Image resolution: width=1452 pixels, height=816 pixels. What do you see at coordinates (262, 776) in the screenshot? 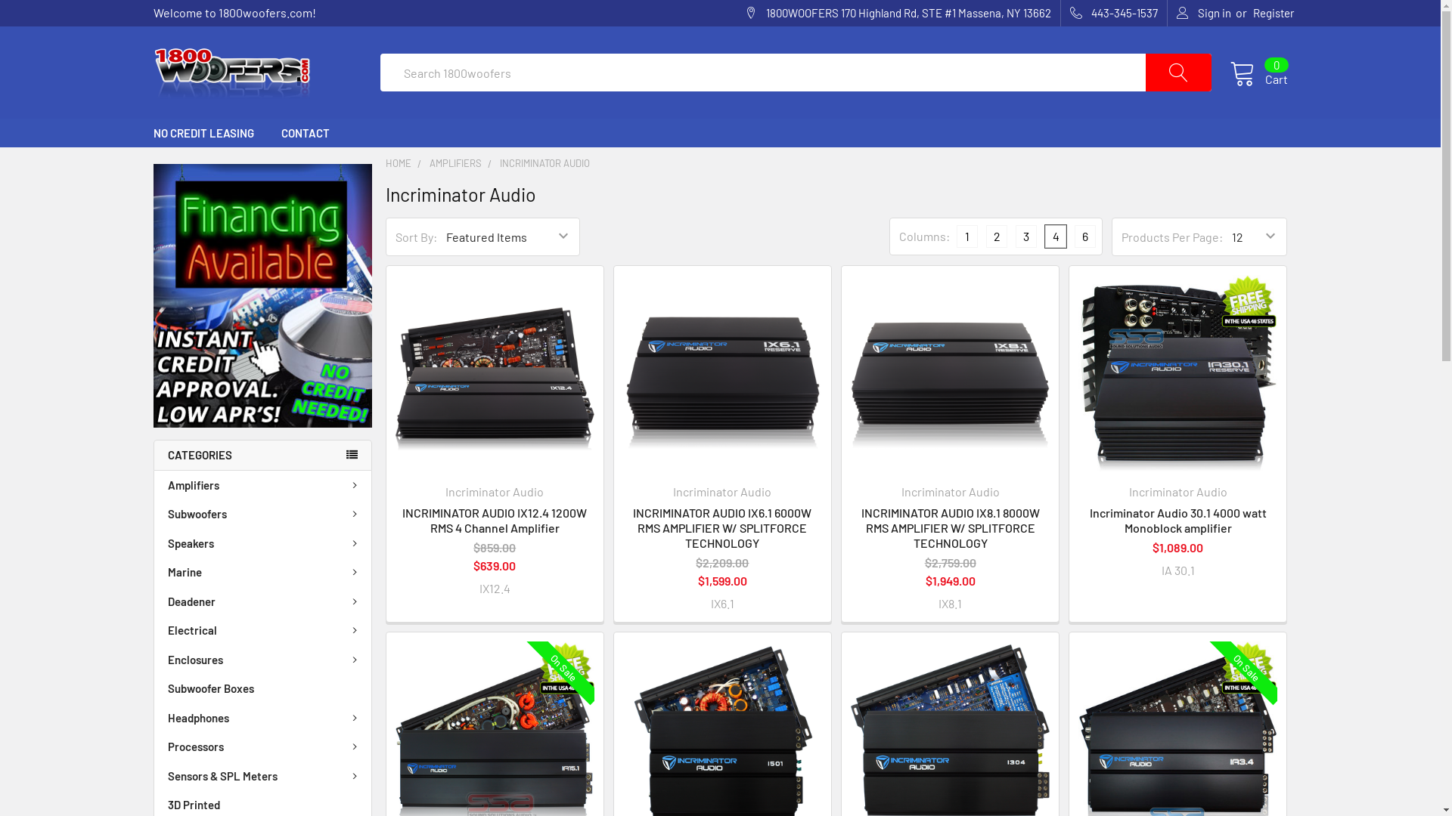
I see `'Sensors & SPL Meters'` at bounding box center [262, 776].